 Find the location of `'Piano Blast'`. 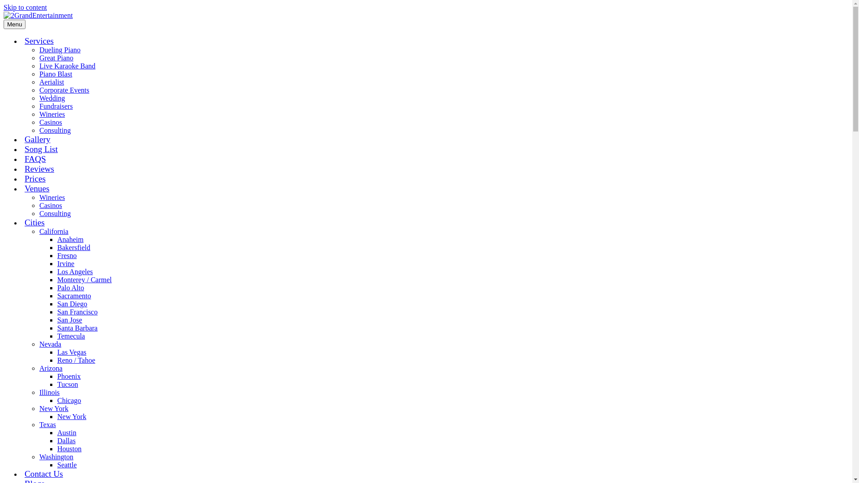

'Piano Blast' is located at coordinates (38, 73).